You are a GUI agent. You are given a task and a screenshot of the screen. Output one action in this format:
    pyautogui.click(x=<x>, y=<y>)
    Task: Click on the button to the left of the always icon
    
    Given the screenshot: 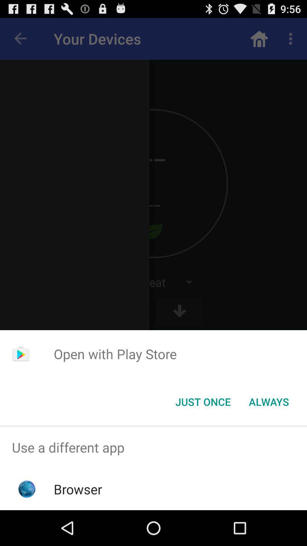 What is the action you would take?
    pyautogui.click(x=203, y=401)
    